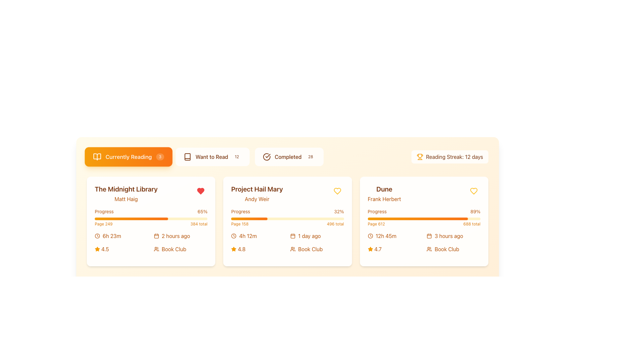 Image resolution: width=634 pixels, height=356 pixels. I want to click on the content of the Label with icon displaying 'Book Club' accompanied by a group of people icon, located in the bottom-right corner of the card for 'Project Hail Mary.', so click(317, 249).